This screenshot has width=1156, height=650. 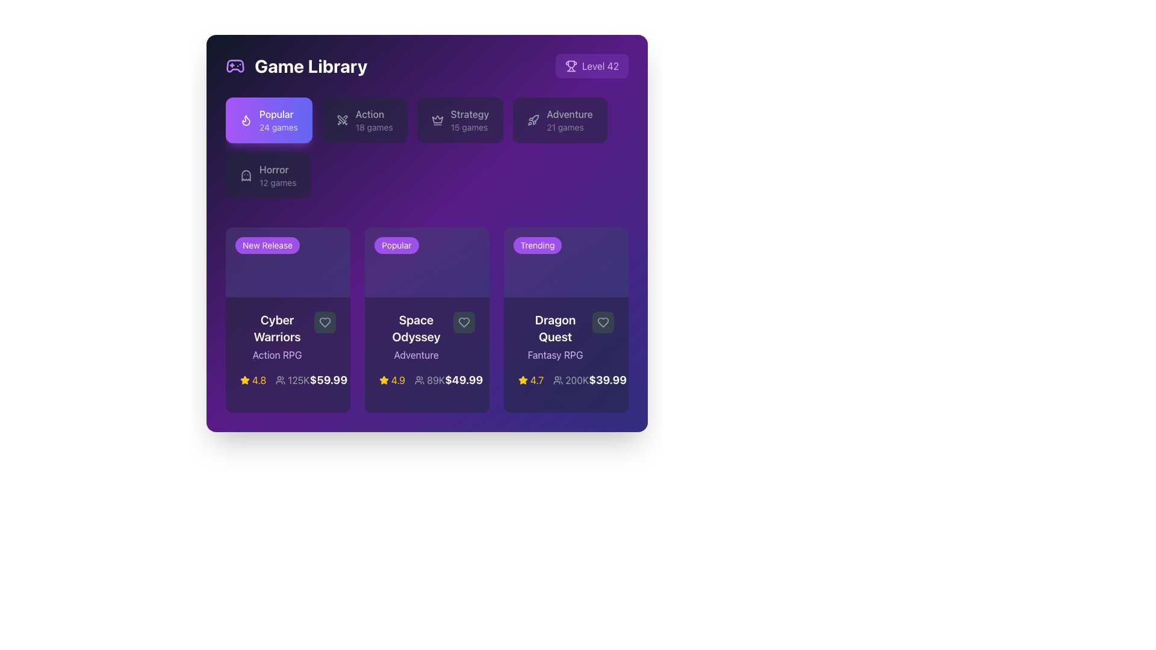 I want to click on the text label that provides information about the number of items available under the 'Popular' category, located beneath the 'Popular' text in the game library interface, so click(x=278, y=128).